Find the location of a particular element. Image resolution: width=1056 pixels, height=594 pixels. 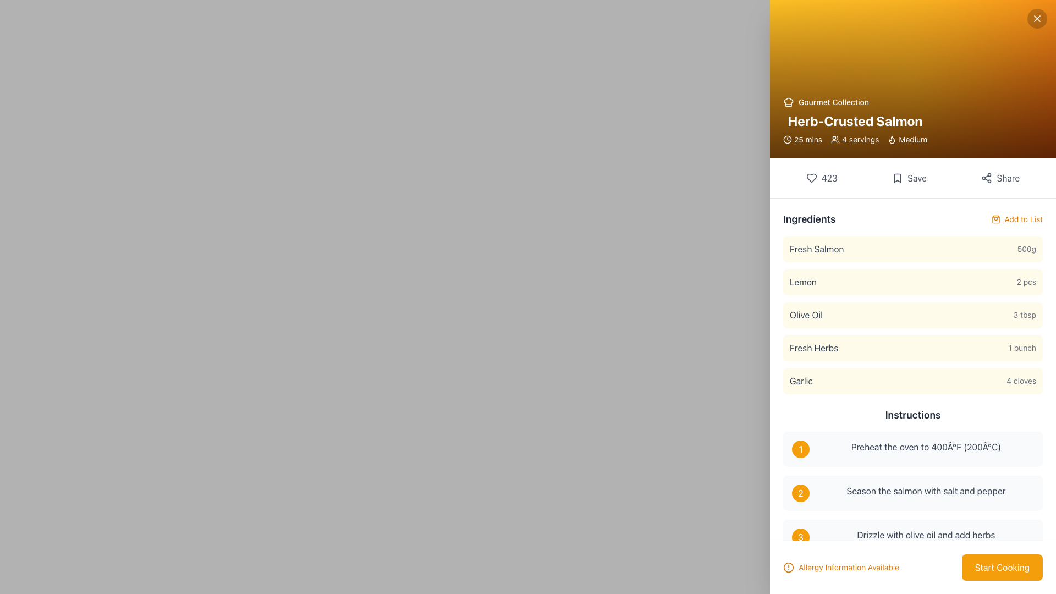

the Circle SVG graphical component that is part of a visual indicator in the bottom right quadrant of the interface is located at coordinates (788, 568).